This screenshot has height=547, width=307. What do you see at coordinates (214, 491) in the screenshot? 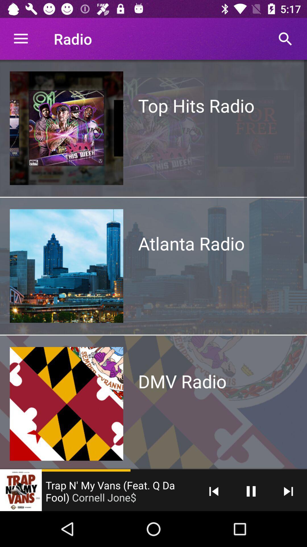
I see `the button which is next to the trap n my vans feat q da fool cornell jone` at bounding box center [214, 491].